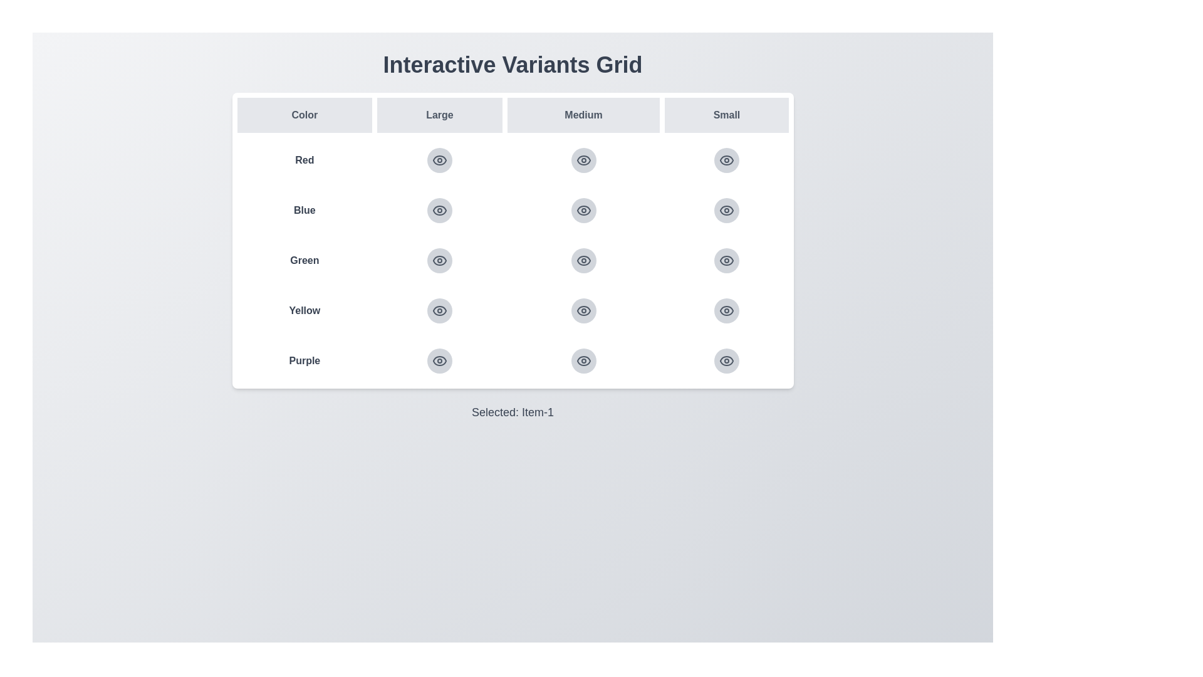 This screenshot has width=1203, height=677. Describe the element at coordinates (439, 260) in the screenshot. I see `the circular button with a light gray background and dark gray eye icon located in the grid under the 'Green' label in the 'Large' column` at that location.